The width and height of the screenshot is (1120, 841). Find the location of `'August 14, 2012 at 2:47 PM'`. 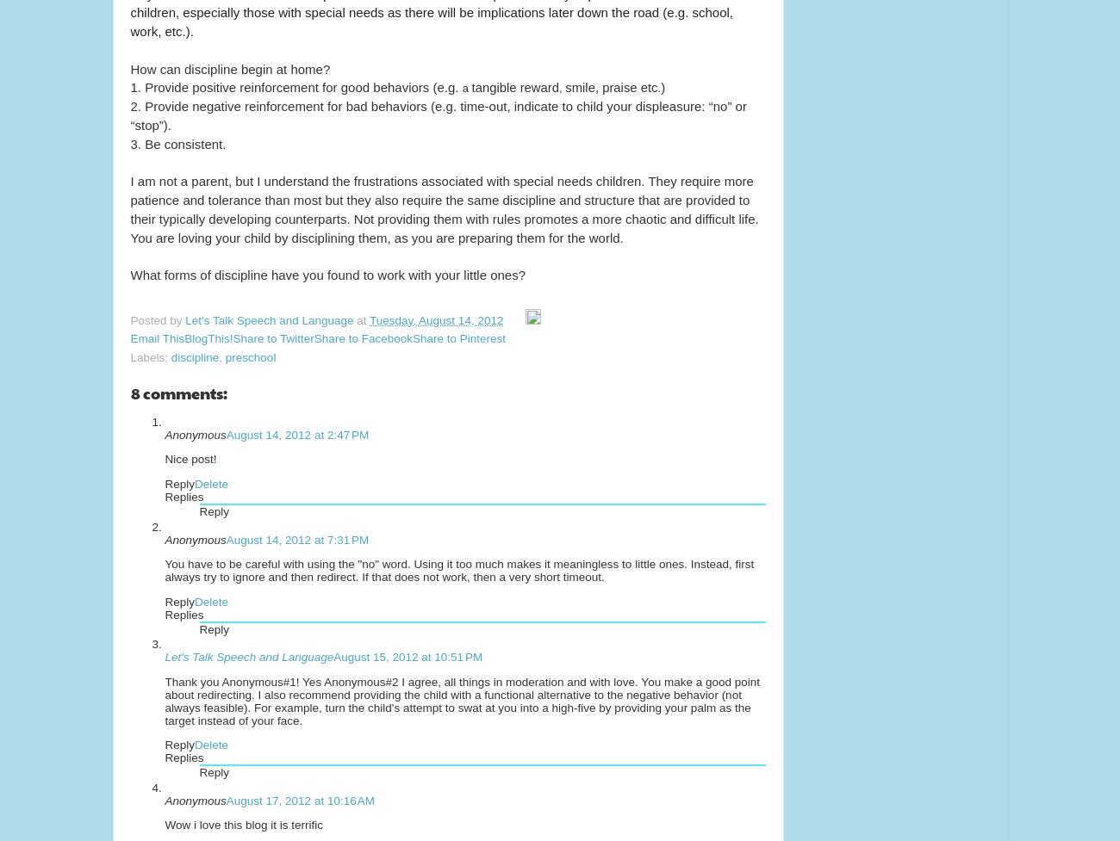

'August 14, 2012 at 2:47 PM' is located at coordinates (296, 433).